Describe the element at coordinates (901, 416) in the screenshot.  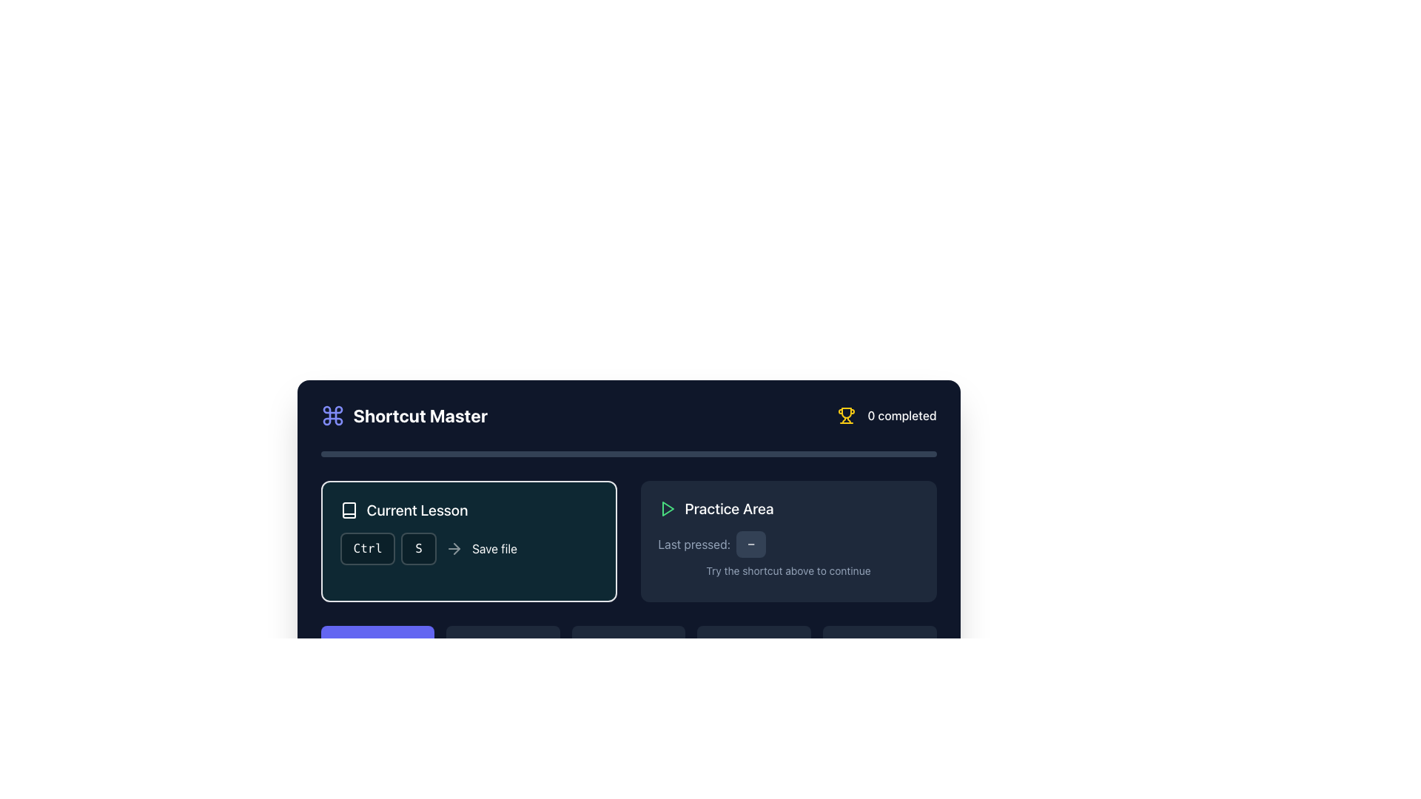
I see `the text label indicating the number of completed tasks, located at the top-right corner of the interface, next to a yellow trophy icon, for potential UI interactions` at that location.